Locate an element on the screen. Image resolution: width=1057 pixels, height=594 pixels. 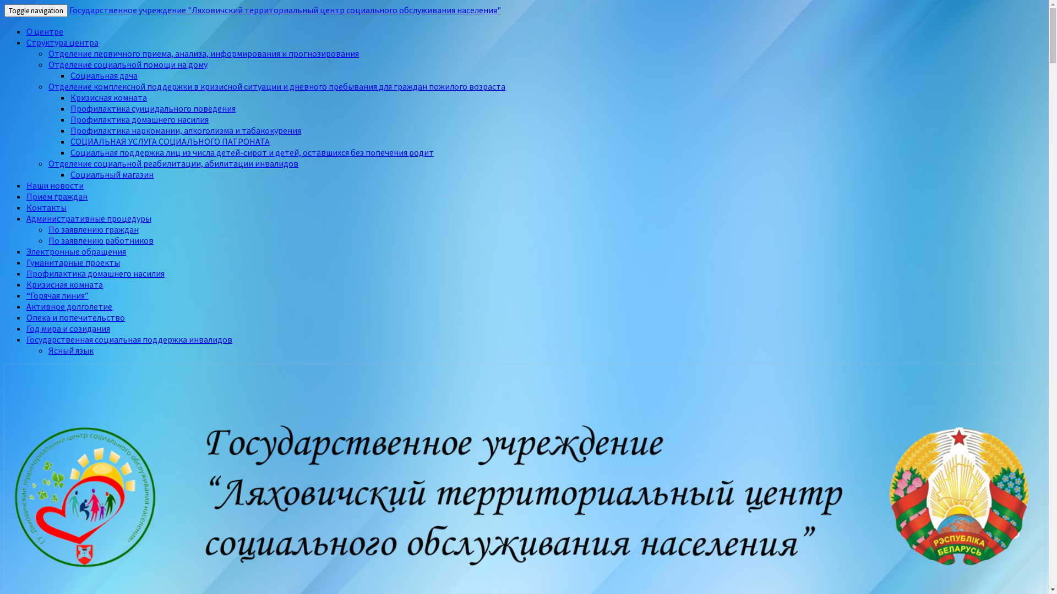
'Toggle navigation' is located at coordinates (36, 10).